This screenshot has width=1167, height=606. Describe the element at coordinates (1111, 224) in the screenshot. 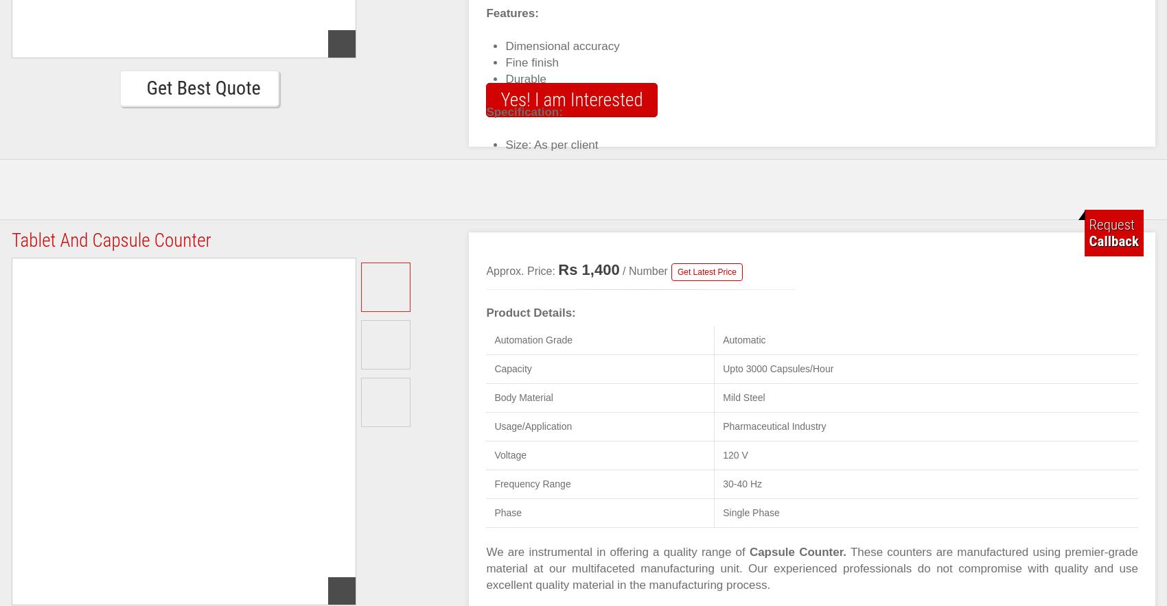

I see `'Request'` at that location.